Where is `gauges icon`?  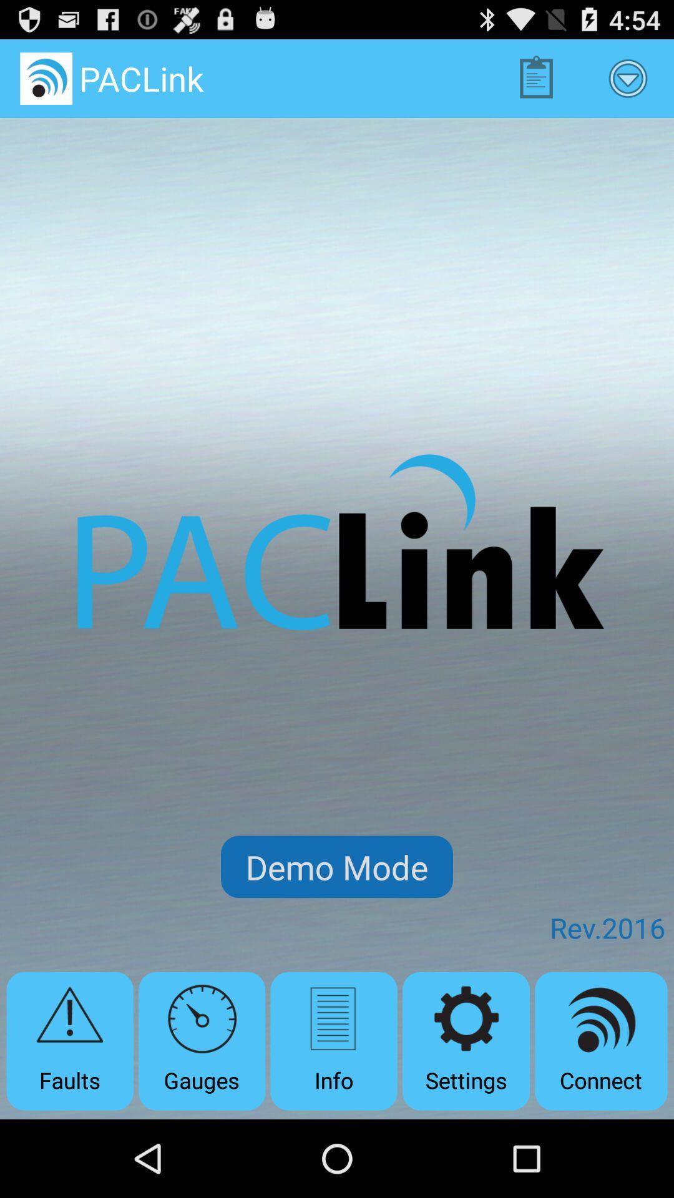
gauges icon is located at coordinates (201, 1041).